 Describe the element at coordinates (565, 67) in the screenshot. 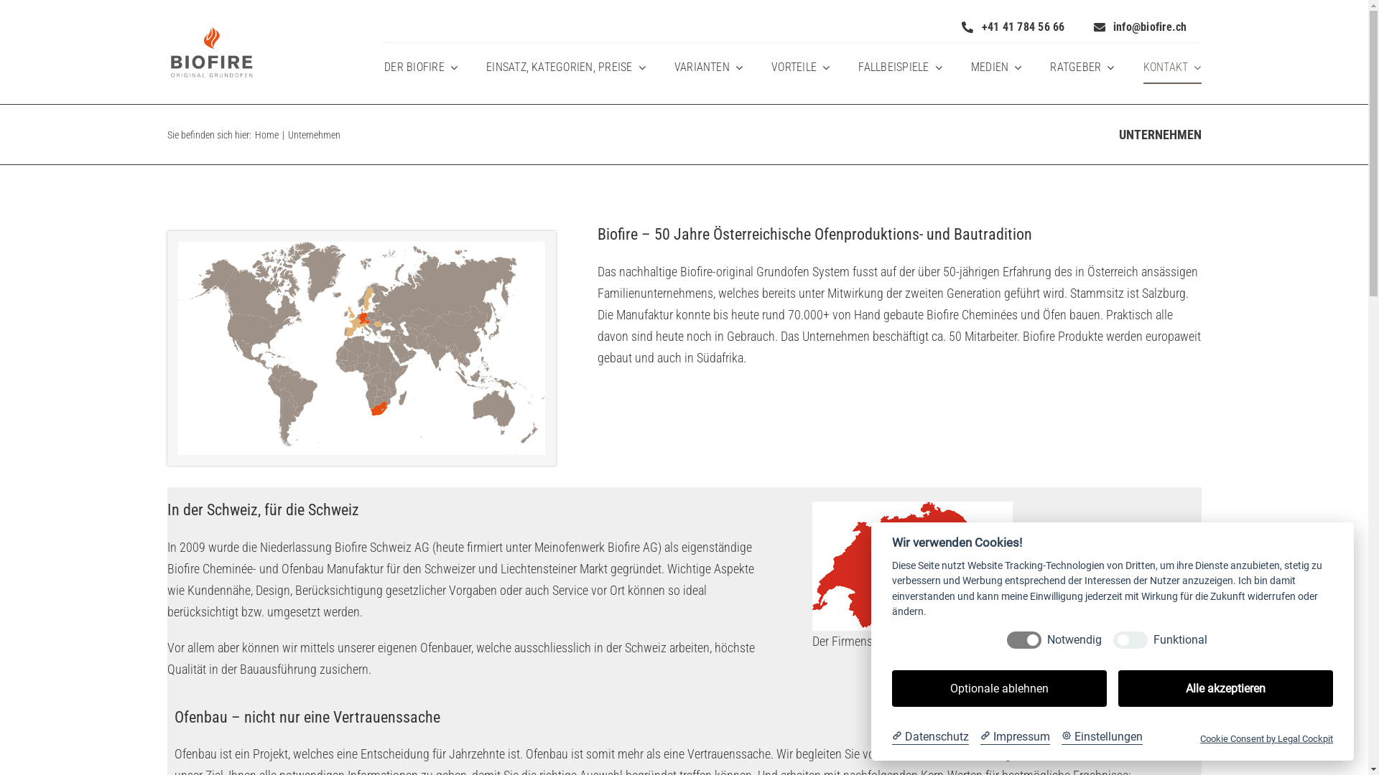

I see `'EINSATZ, KATEGORIEN, PREISE'` at that location.